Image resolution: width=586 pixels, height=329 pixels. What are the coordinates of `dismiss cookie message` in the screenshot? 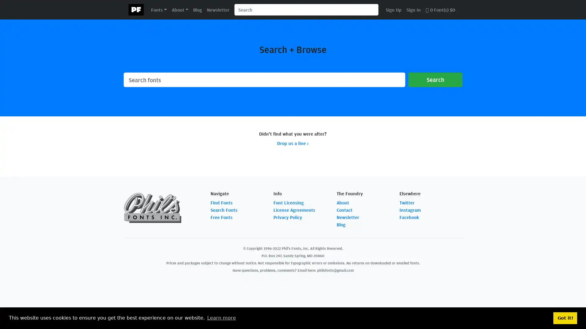 It's located at (565, 318).